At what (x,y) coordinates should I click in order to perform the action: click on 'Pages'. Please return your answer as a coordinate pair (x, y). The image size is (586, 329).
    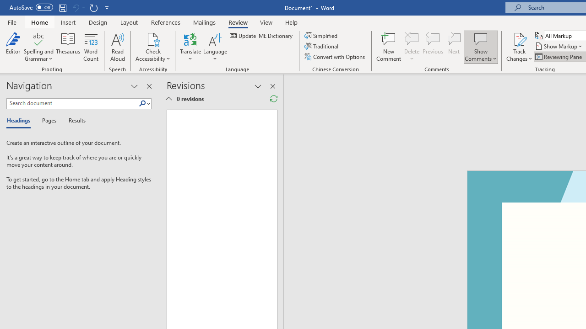
    Looking at the image, I should click on (48, 121).